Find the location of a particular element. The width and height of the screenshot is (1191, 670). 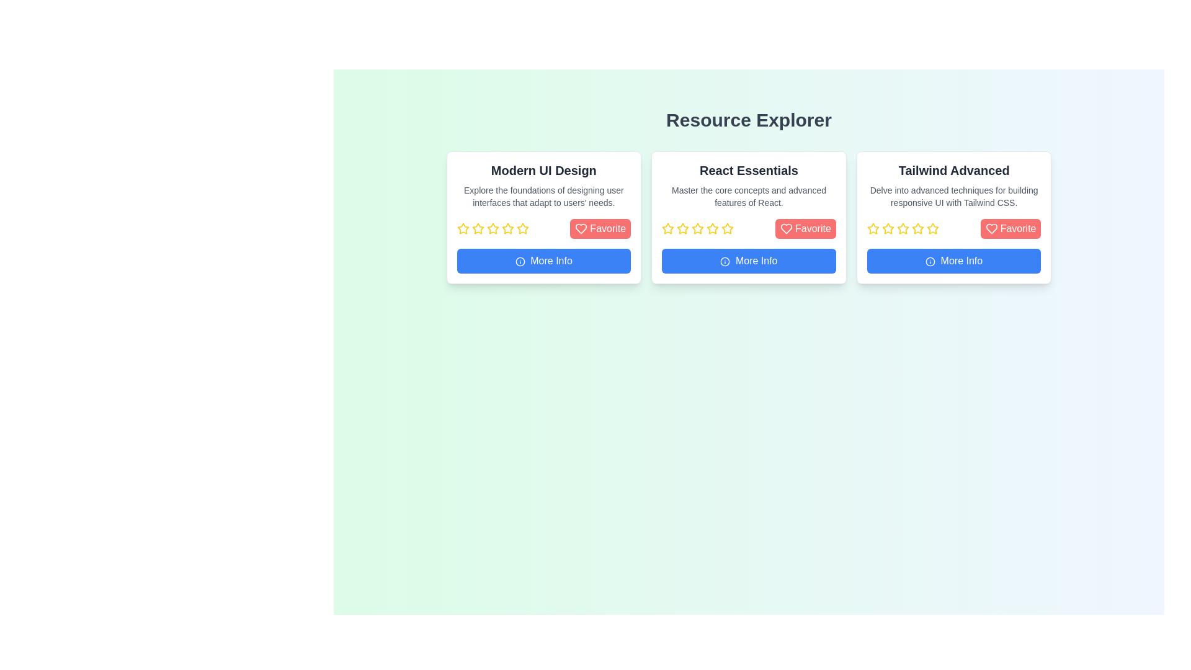

the 'More Info' button, which is a vibrant blue rectangular button with rounded corners and white bold text, located at the bottom of the 'Modern UI Design' card is located at coordinates (543, 260).